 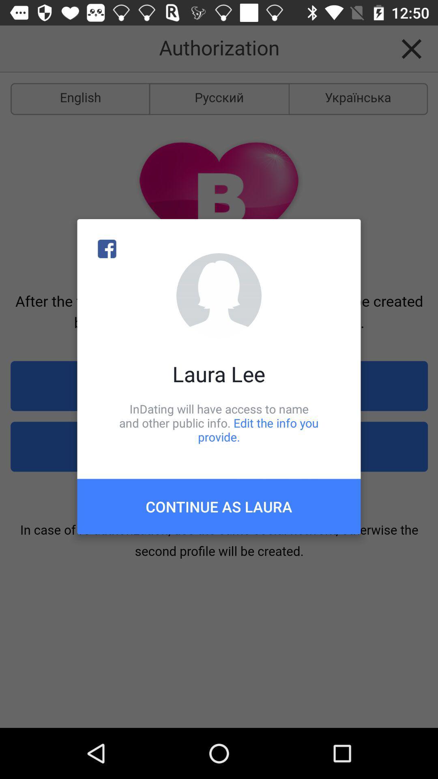 I want to click on the continue as laura, so click(x=219, y=506).